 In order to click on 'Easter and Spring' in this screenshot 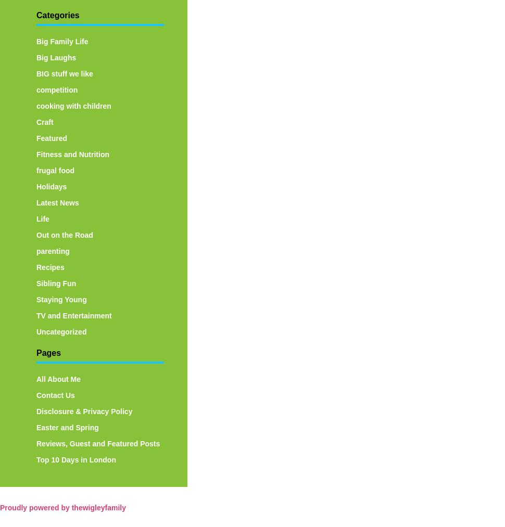, I will do `click(67, 427)`.